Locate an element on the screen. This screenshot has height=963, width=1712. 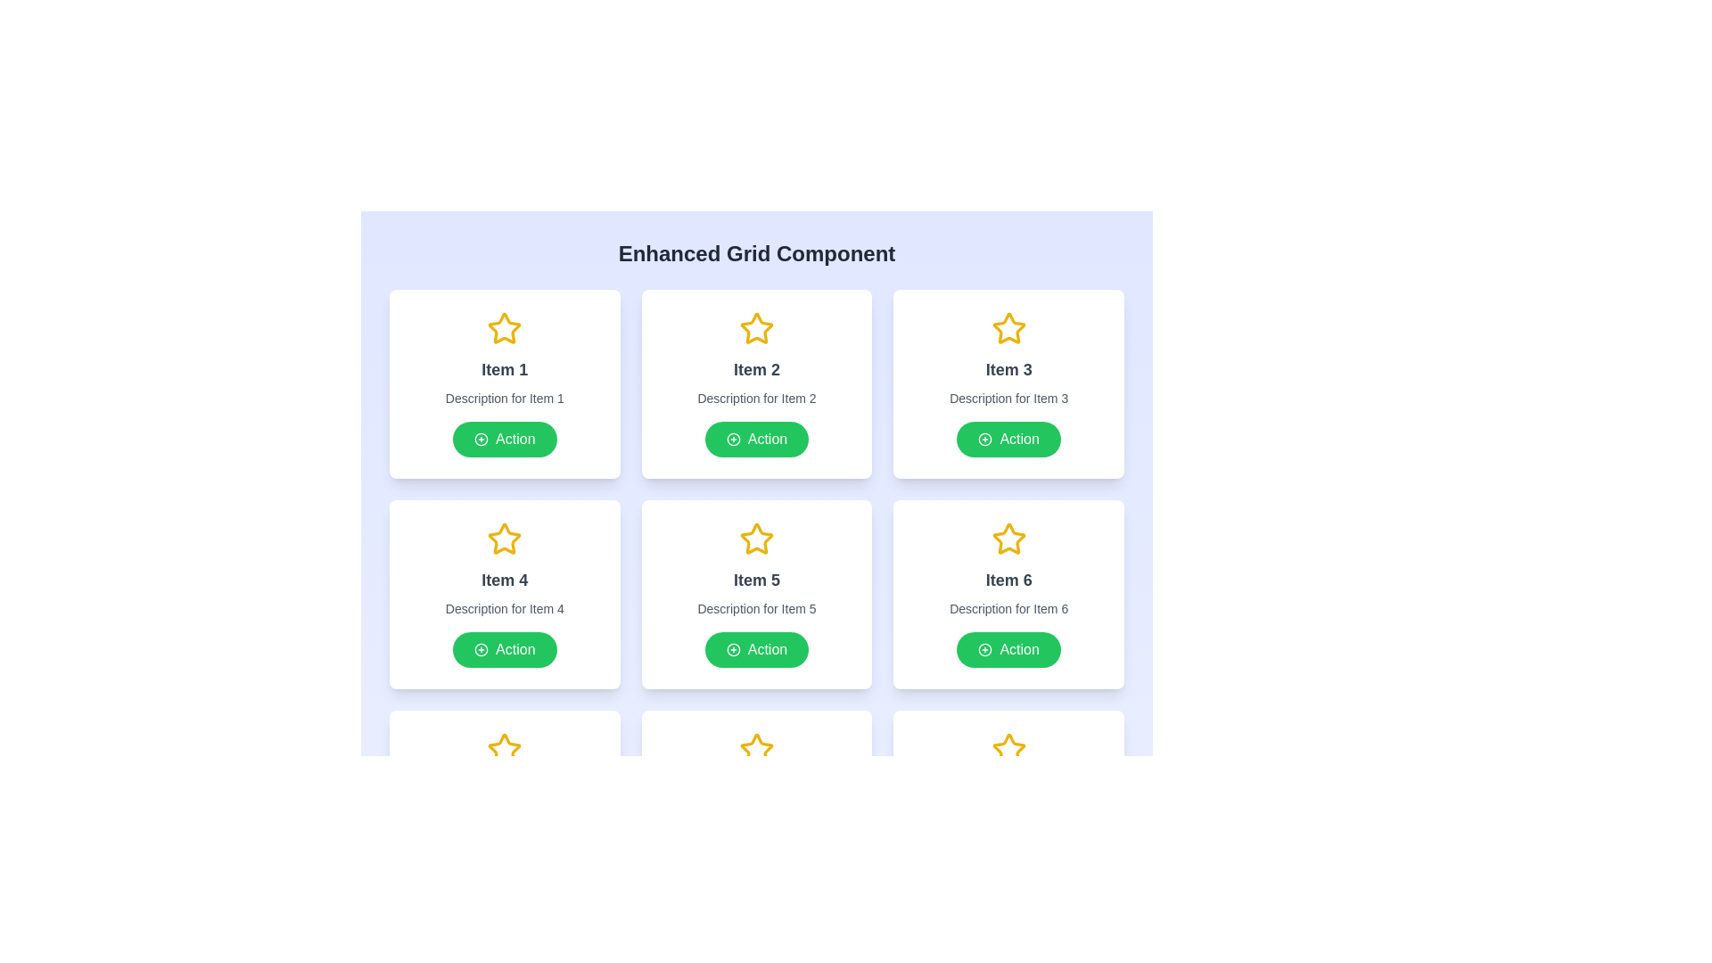
icon at the top of the Card representing 'Item 3' located in the first row, third column of the grid is located at coordinates (1008, 383).